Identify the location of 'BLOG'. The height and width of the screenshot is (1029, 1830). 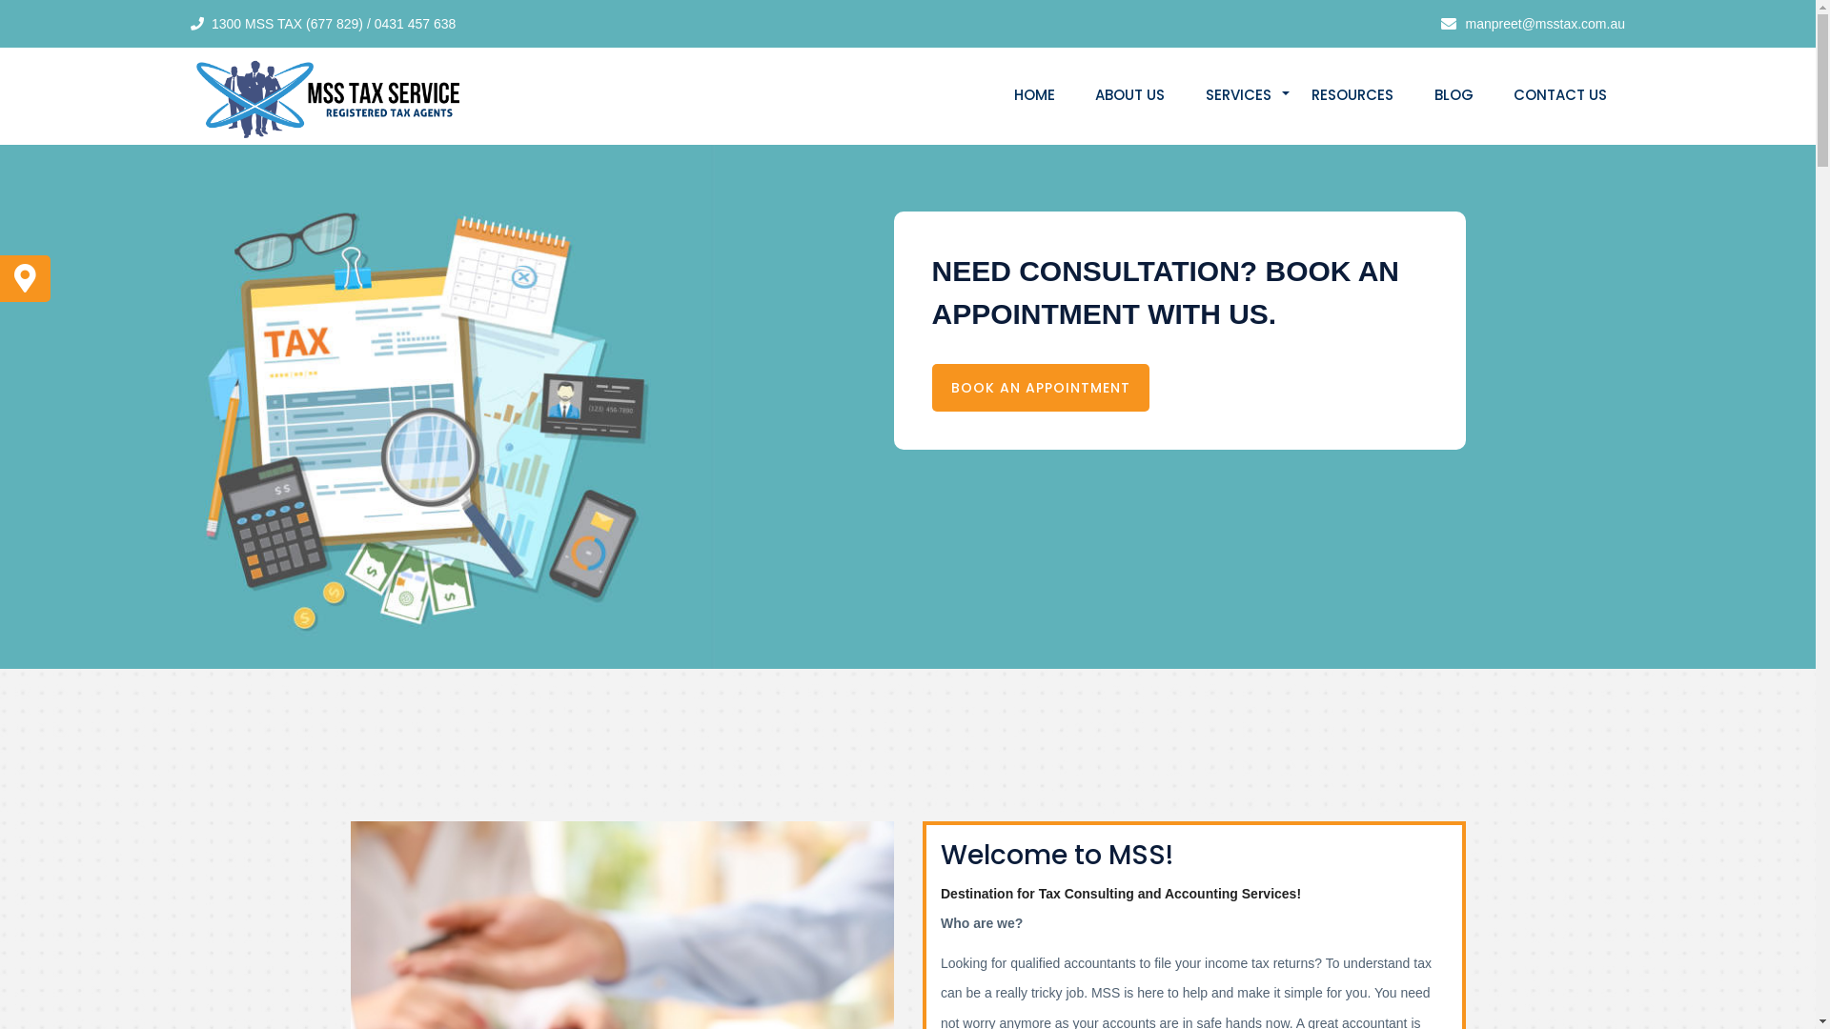
(1453, 95).